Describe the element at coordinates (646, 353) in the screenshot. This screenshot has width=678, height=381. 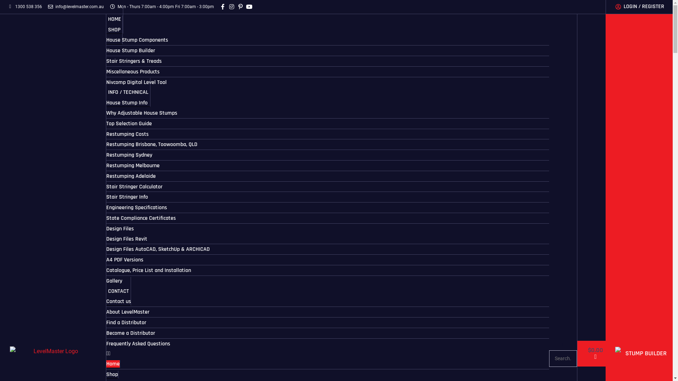
I see `'STUMP BUILDER'` at that location.